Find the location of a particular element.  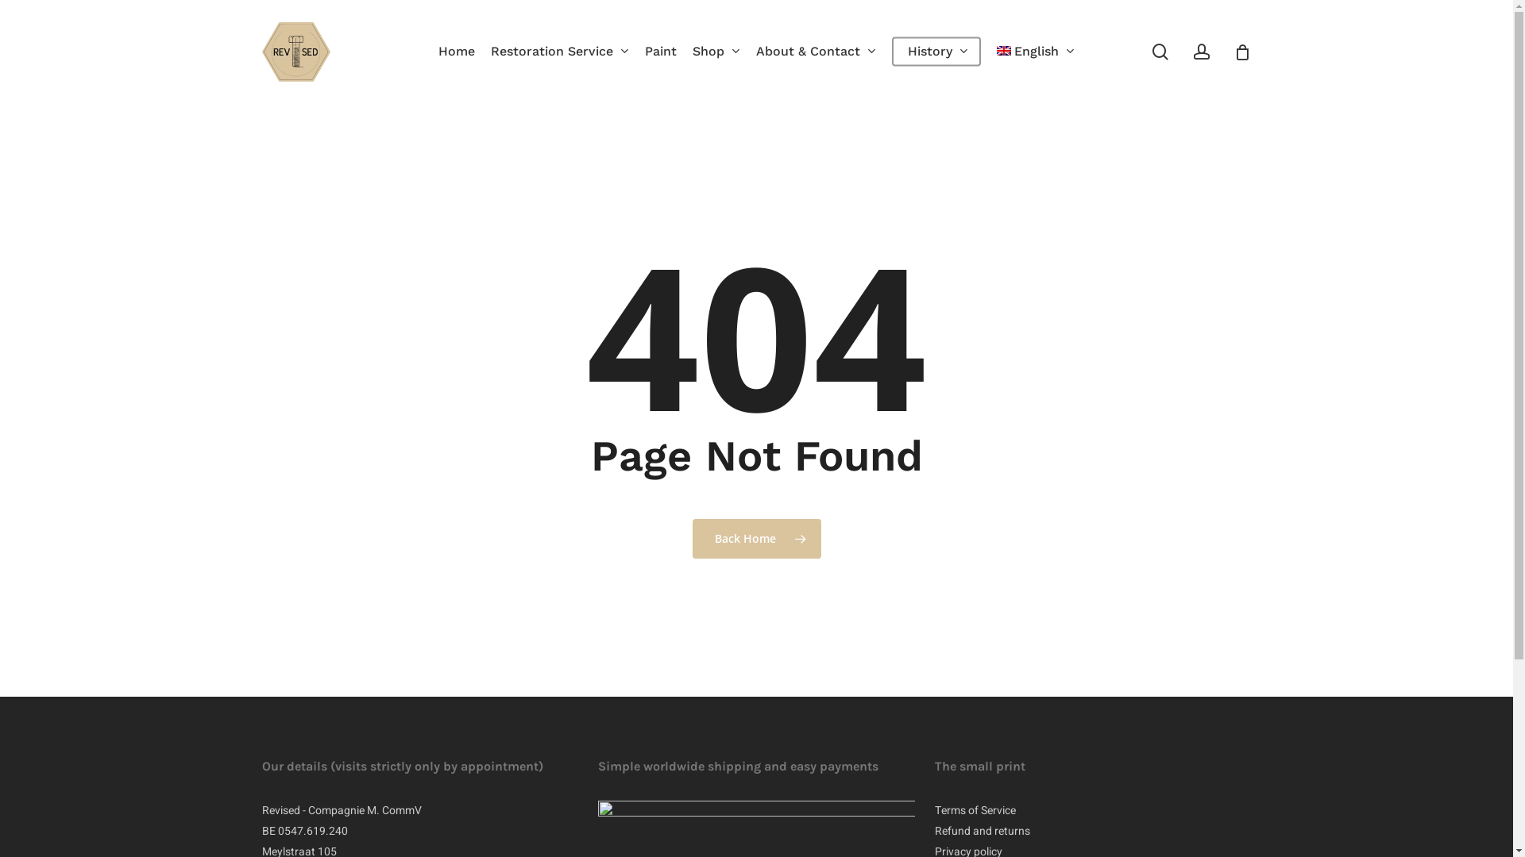

'Paint' is located at coordinates (660, 51).